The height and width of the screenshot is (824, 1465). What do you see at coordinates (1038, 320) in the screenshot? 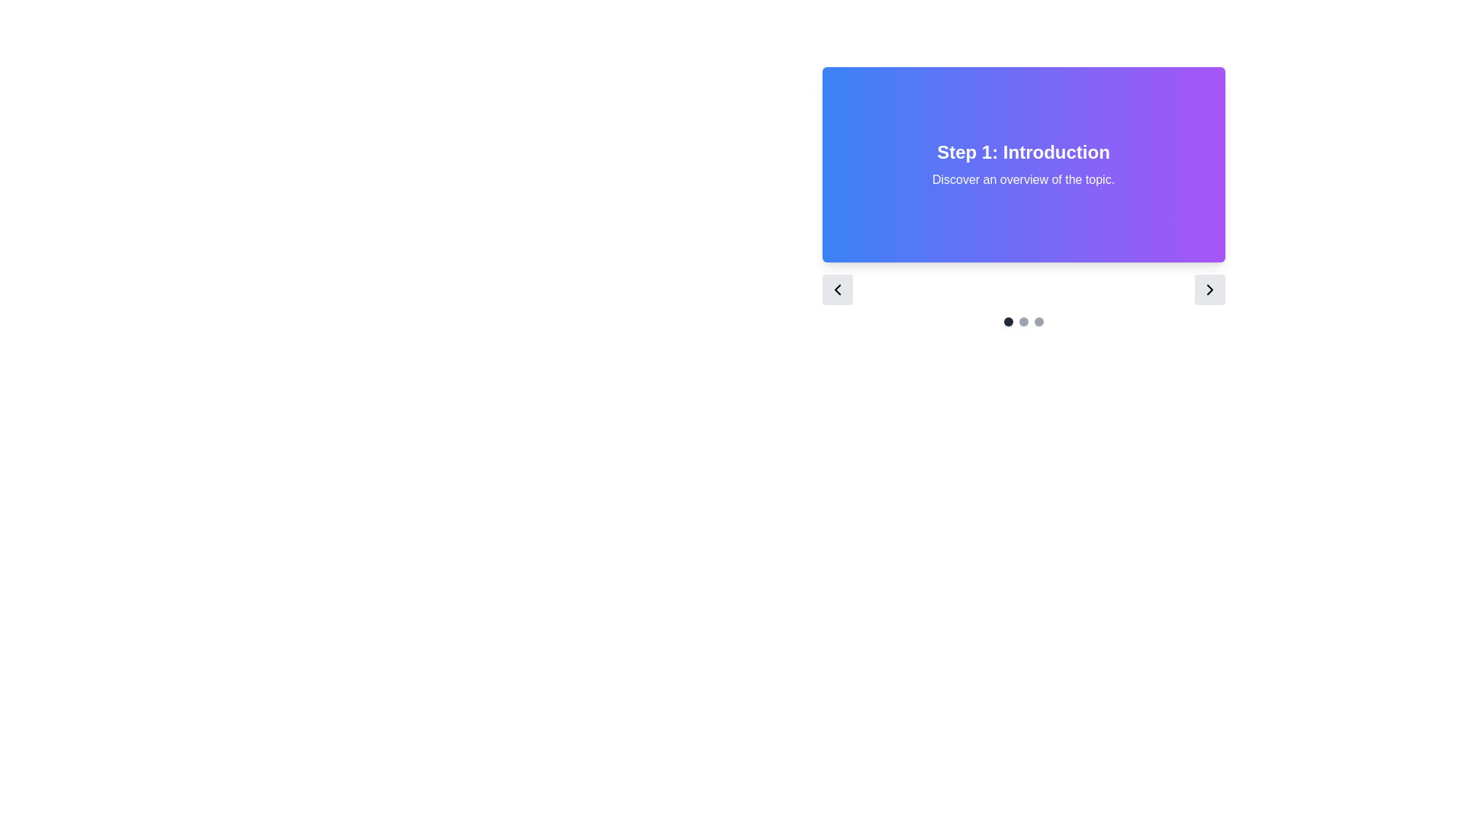
I see `the third pagination dot, which is part of a group of three circular icons arranged in a row below the card component` at bounding box center [1038, 320].